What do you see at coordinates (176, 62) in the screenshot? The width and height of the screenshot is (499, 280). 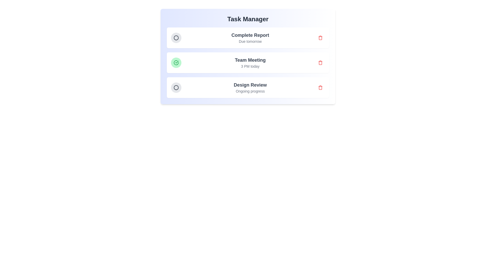 I see `the circular icon with a checkmark symbol inside it, which has a green outline and white background, located to the left of the 'Team Meeting' task title in the second row of the task list to mark the task as completed` at bounding box center [176, 62].